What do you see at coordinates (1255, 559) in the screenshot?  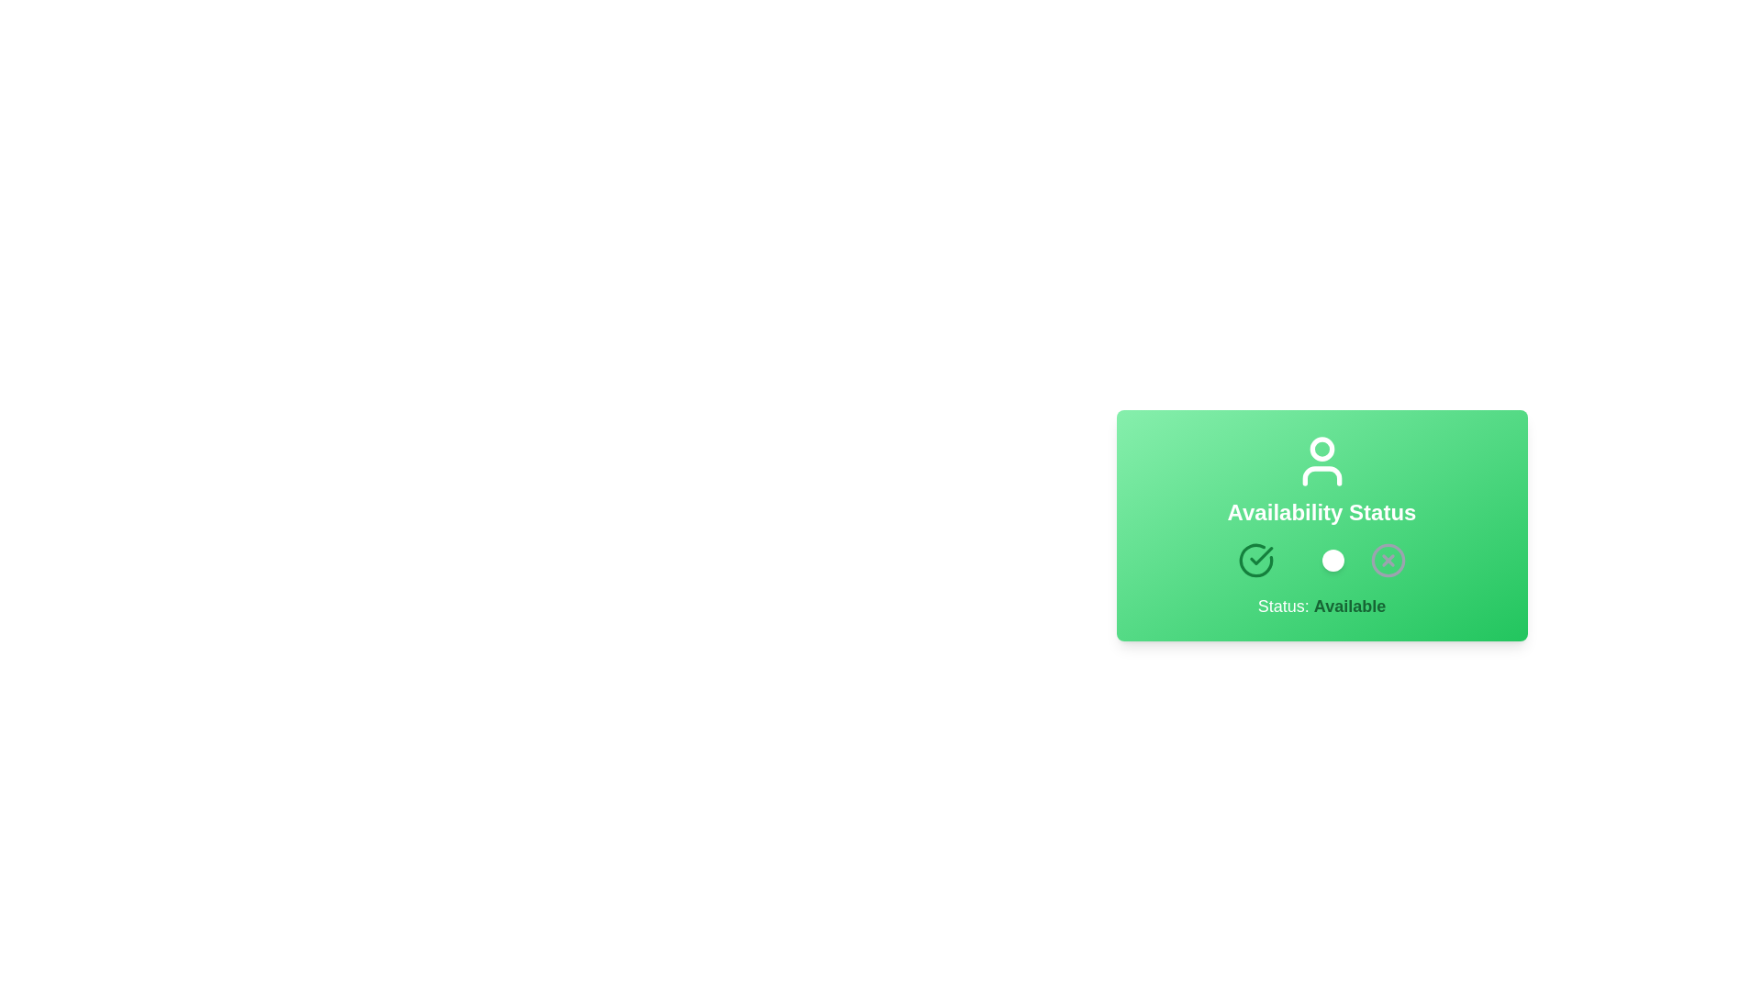 I see `the 'Available' status icon located below 'Availability Status'` at bounding box center [1255, 559].